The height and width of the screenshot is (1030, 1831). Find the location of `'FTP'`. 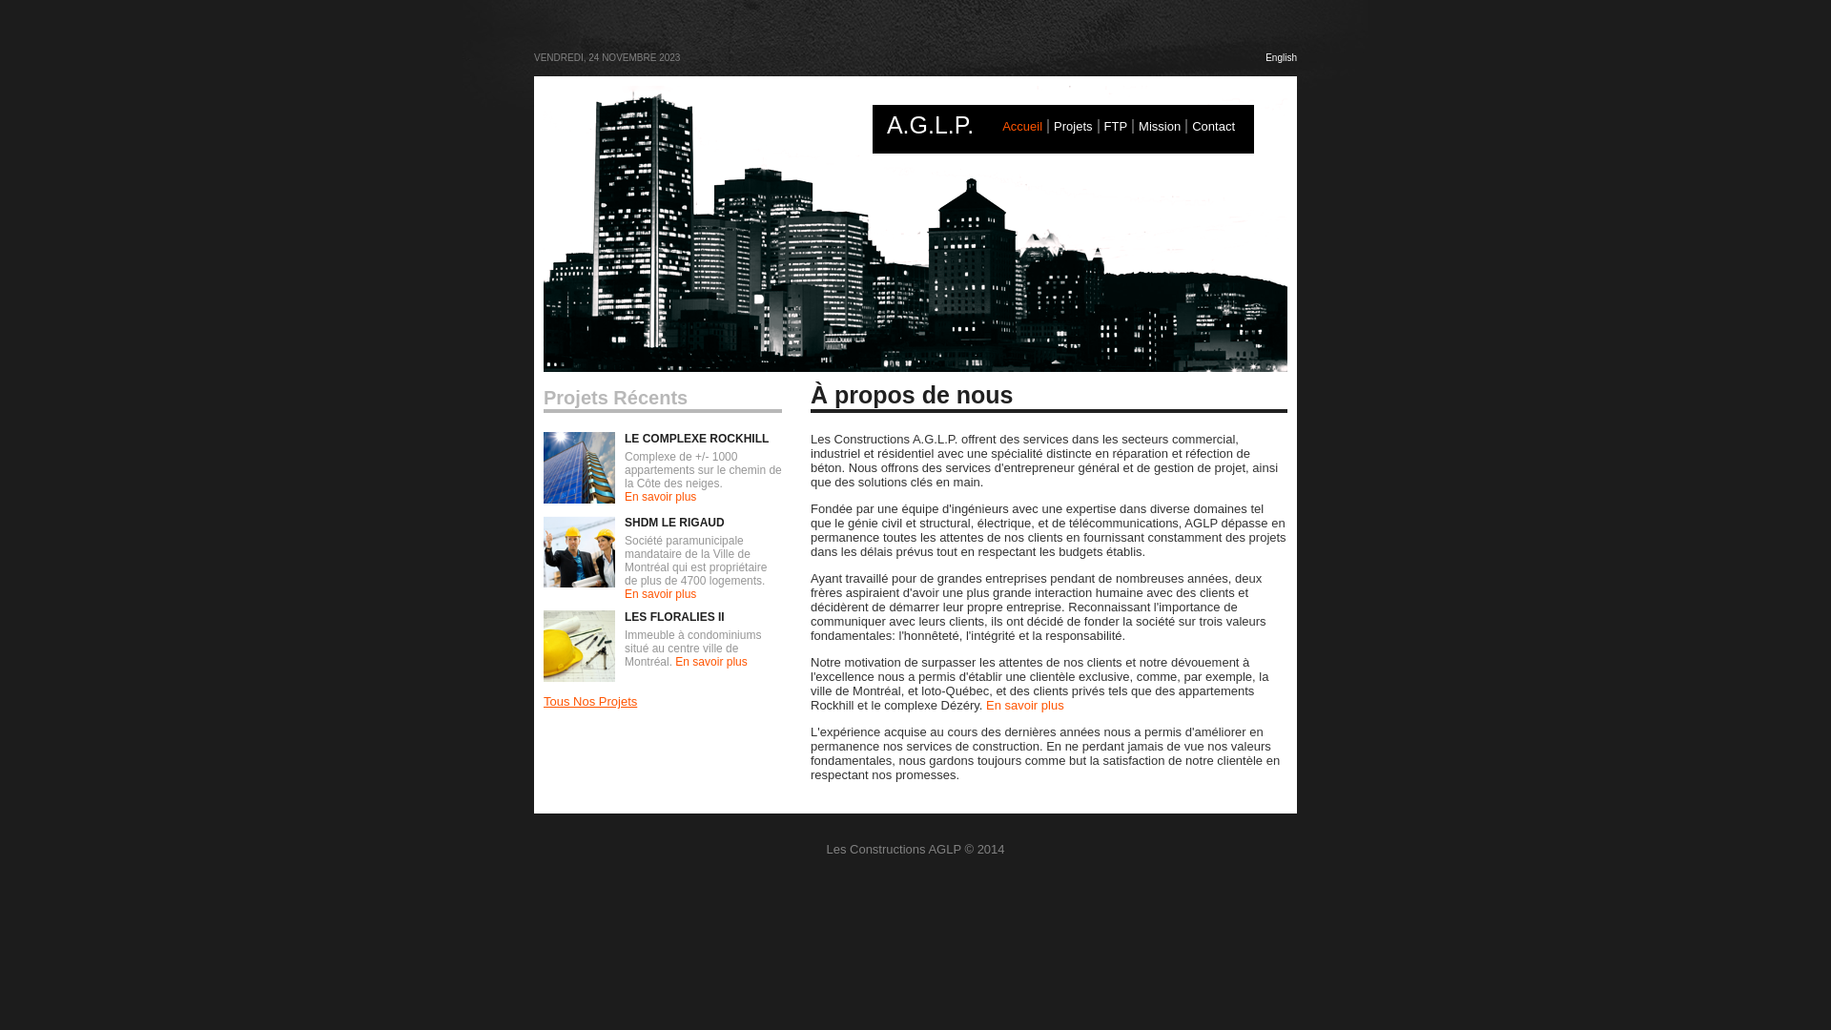

'FTP' is located at coordinates (1116, 126).